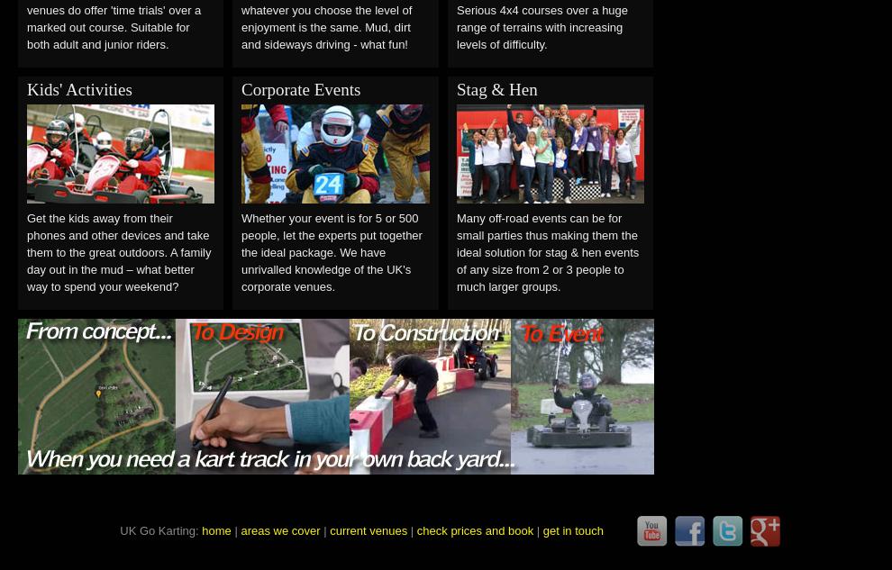  What do you see at coordinates (201, 530) in the screenshot?
I see `'home'` at bounding box center [201, 530].